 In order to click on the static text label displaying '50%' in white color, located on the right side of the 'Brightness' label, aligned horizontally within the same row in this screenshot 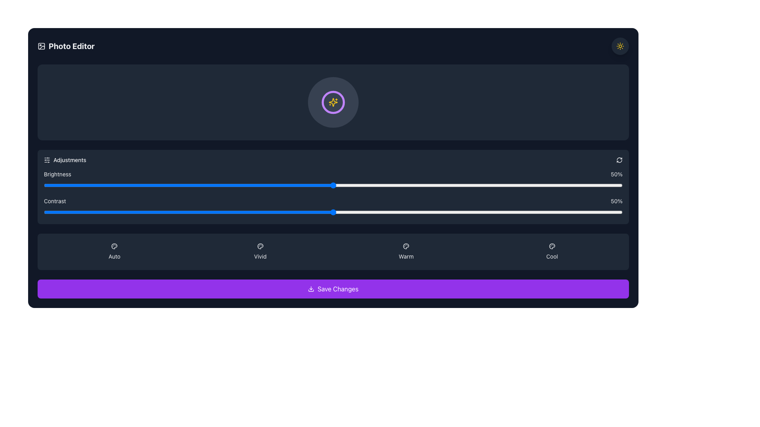, I will do `click(616, 174)`.